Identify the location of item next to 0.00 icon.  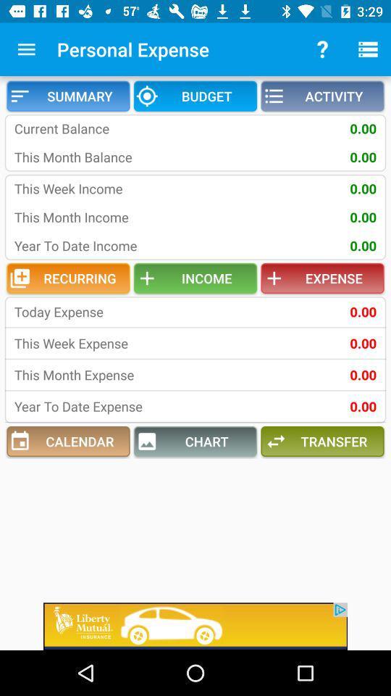
(108, 312).